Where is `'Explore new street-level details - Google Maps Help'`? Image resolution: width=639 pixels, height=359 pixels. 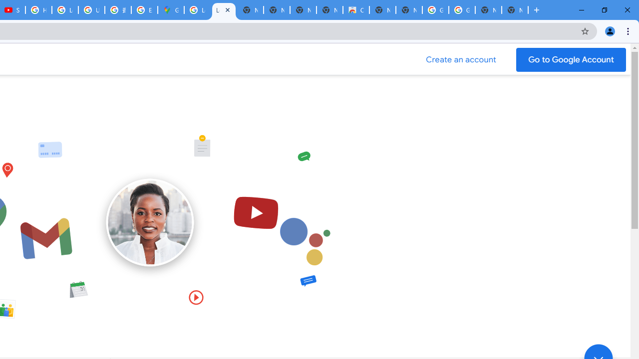 'Explore new street-level details - Google Maps Help' is located at coordinates (144, 10).